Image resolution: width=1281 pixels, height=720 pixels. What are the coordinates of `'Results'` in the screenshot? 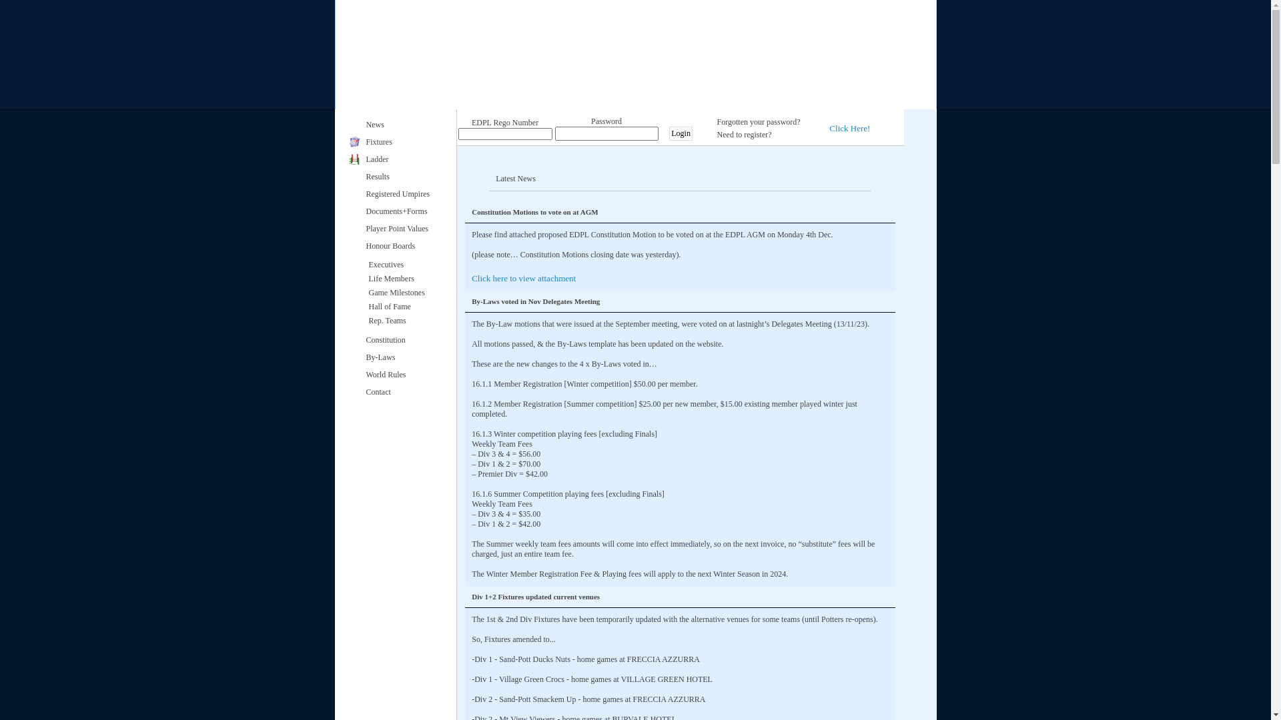 It's located at (362, 176).